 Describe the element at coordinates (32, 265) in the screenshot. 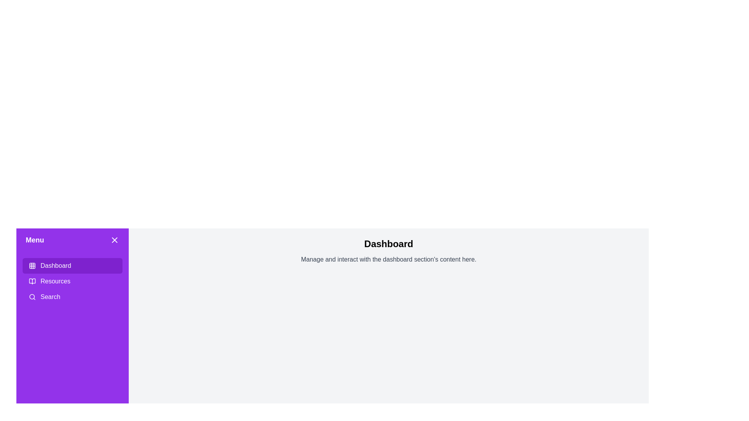

I see `the icon representing the 'Dashboard' functionality located in the sidebar menu` at that location.